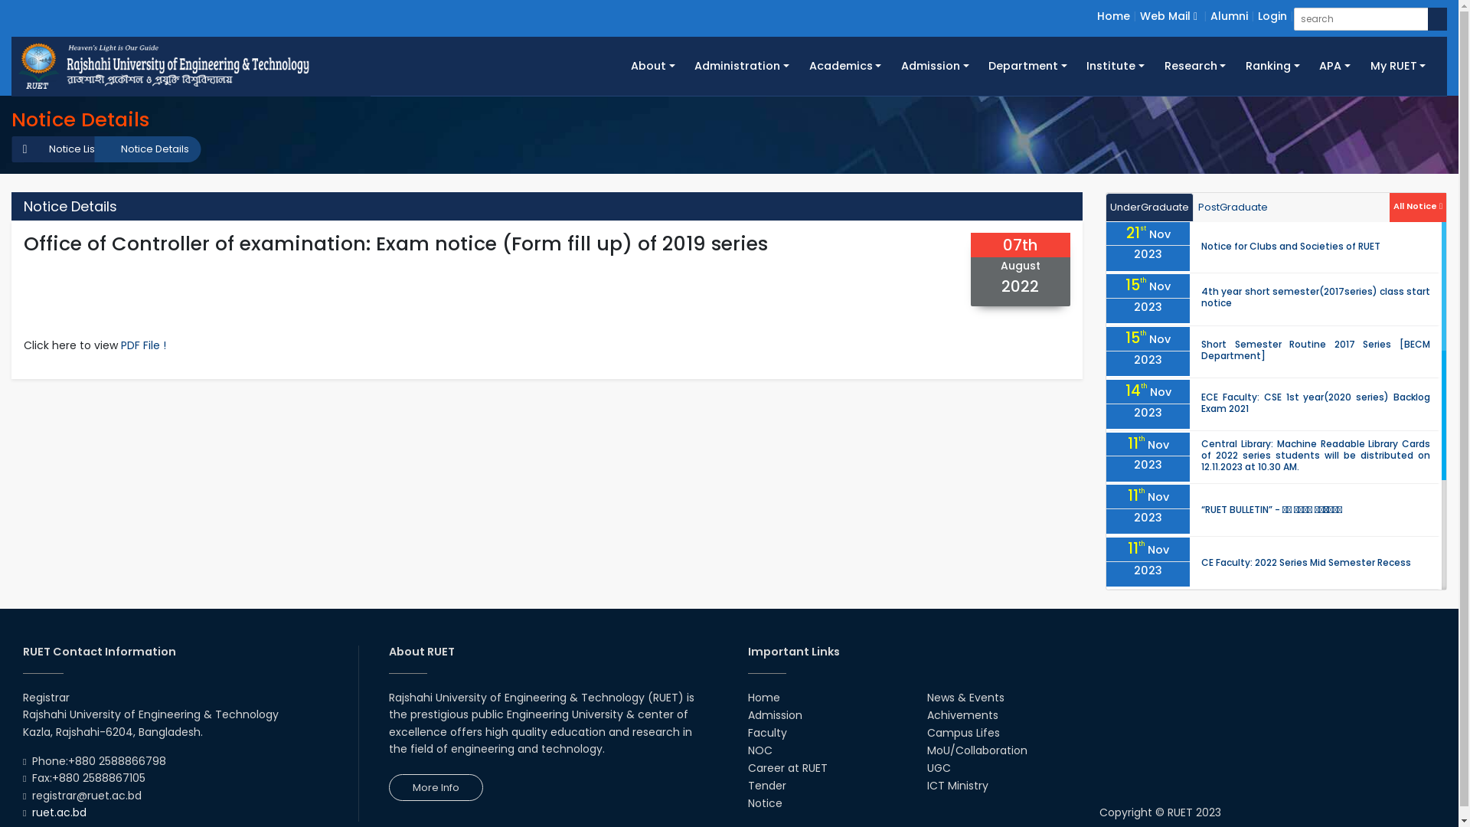  What do you see at coordinates (1116, 65) in the screenshot?
I see `'Institute'` at bounding box center [1116, 65].